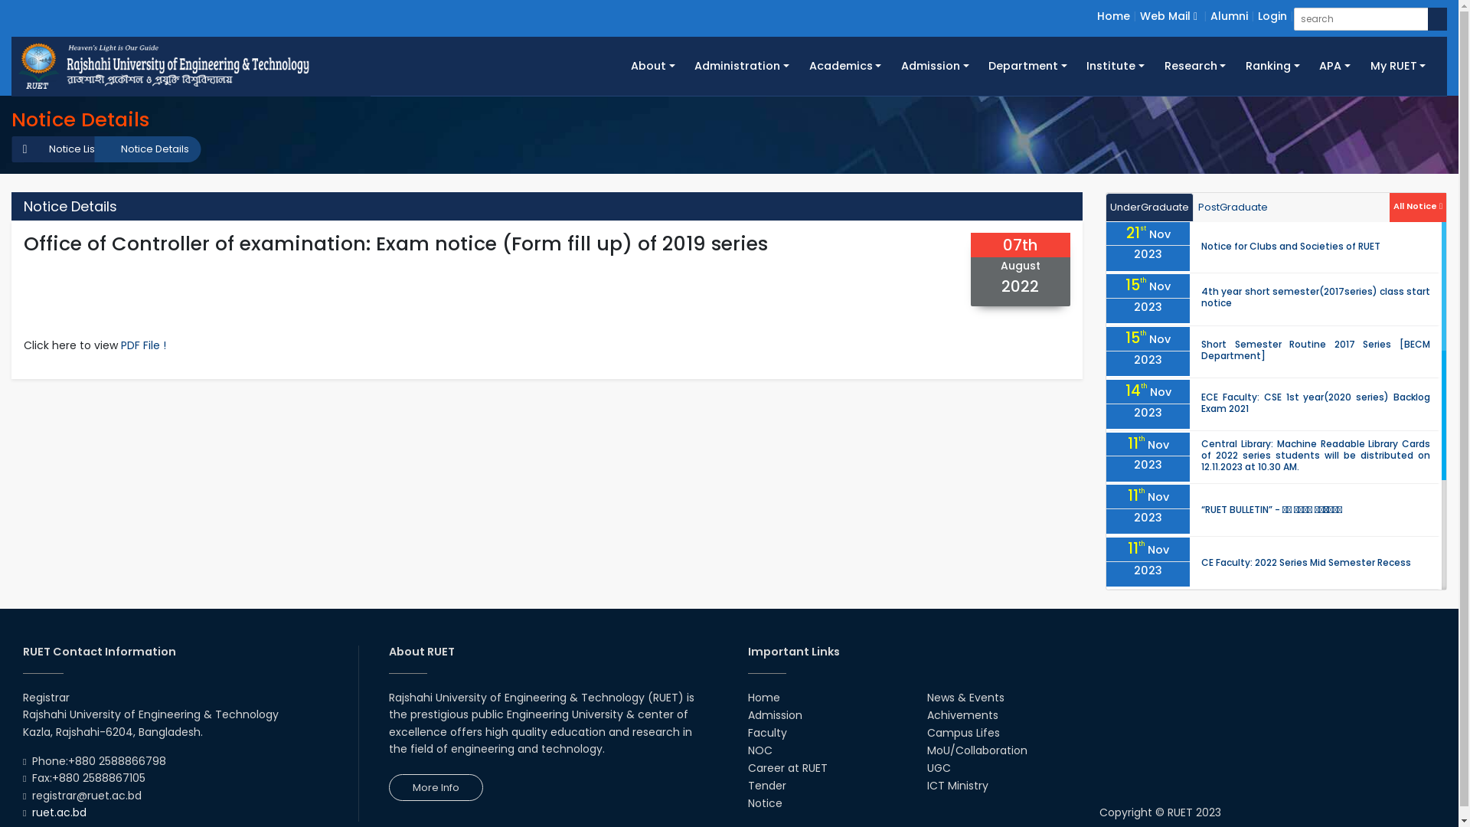  What do you see at coordinates (1116, 65) in the screenshot?
I see `'Institute'` at bounding box center [1116, 65].